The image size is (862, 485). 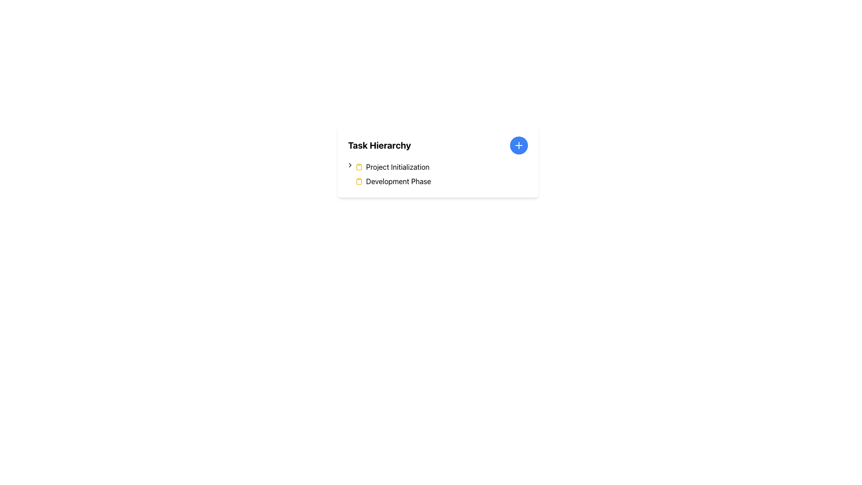 I want to click on the text label reading 'Project Initialization', so click(x=397, y=167).